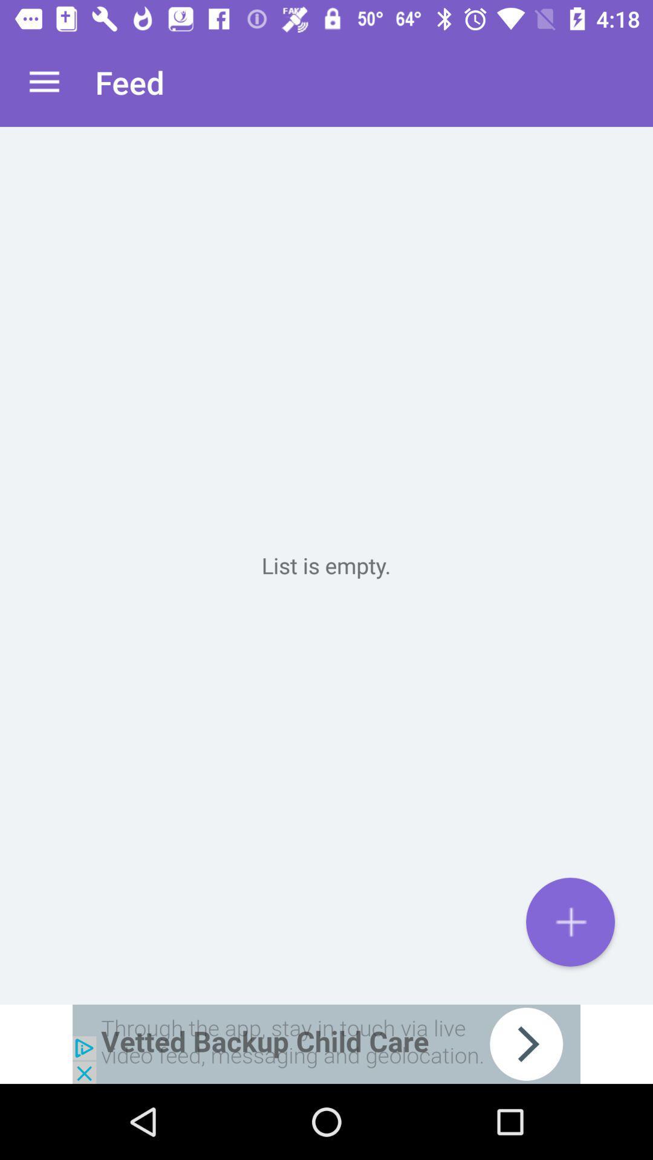 Image resolution: width=653 pixels, height=1160 pixels. Describe the element at coordinates (326, 565) in the screenshot. I see `description` at that location.